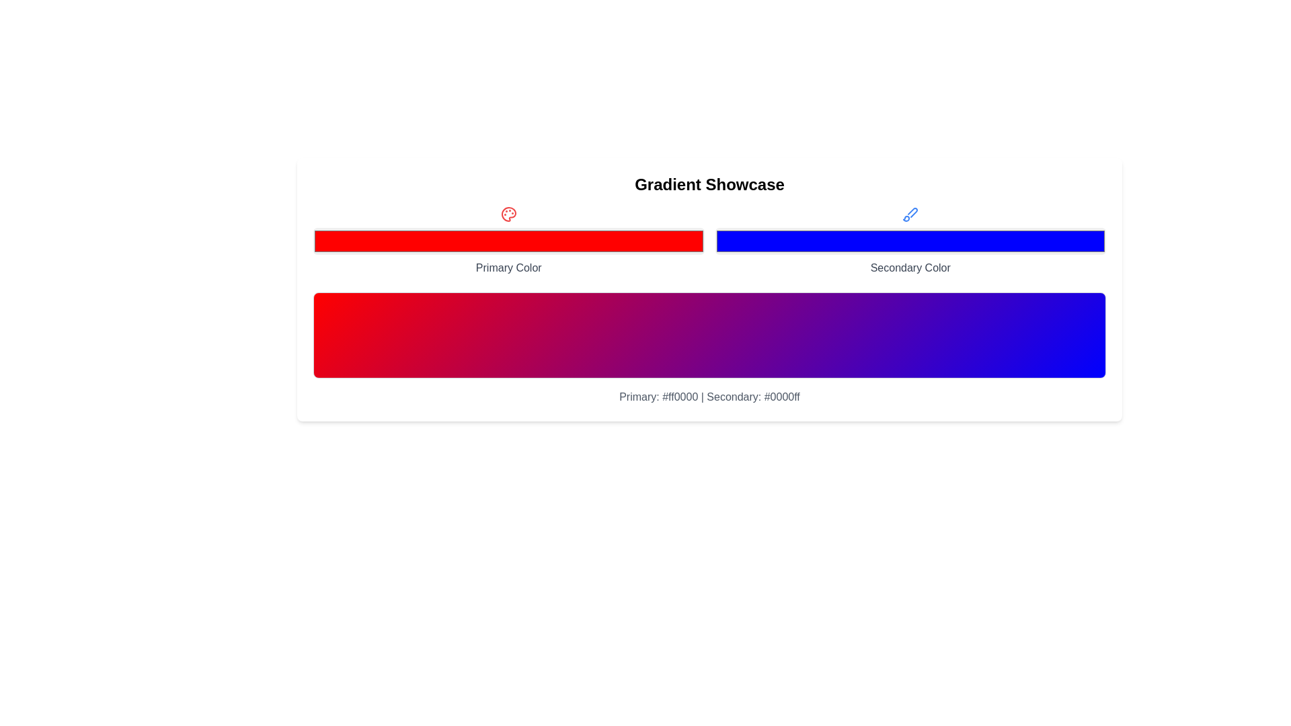 The width and height of the screenshot is (1291, 726). What do you see at coordinates (910, 268) in the screenshot?
I see `the text label that describes the function of the color picker for selecting the secondary color, which is located below the color picker input field and is horizontally centered` at bounding box center [910, 268].